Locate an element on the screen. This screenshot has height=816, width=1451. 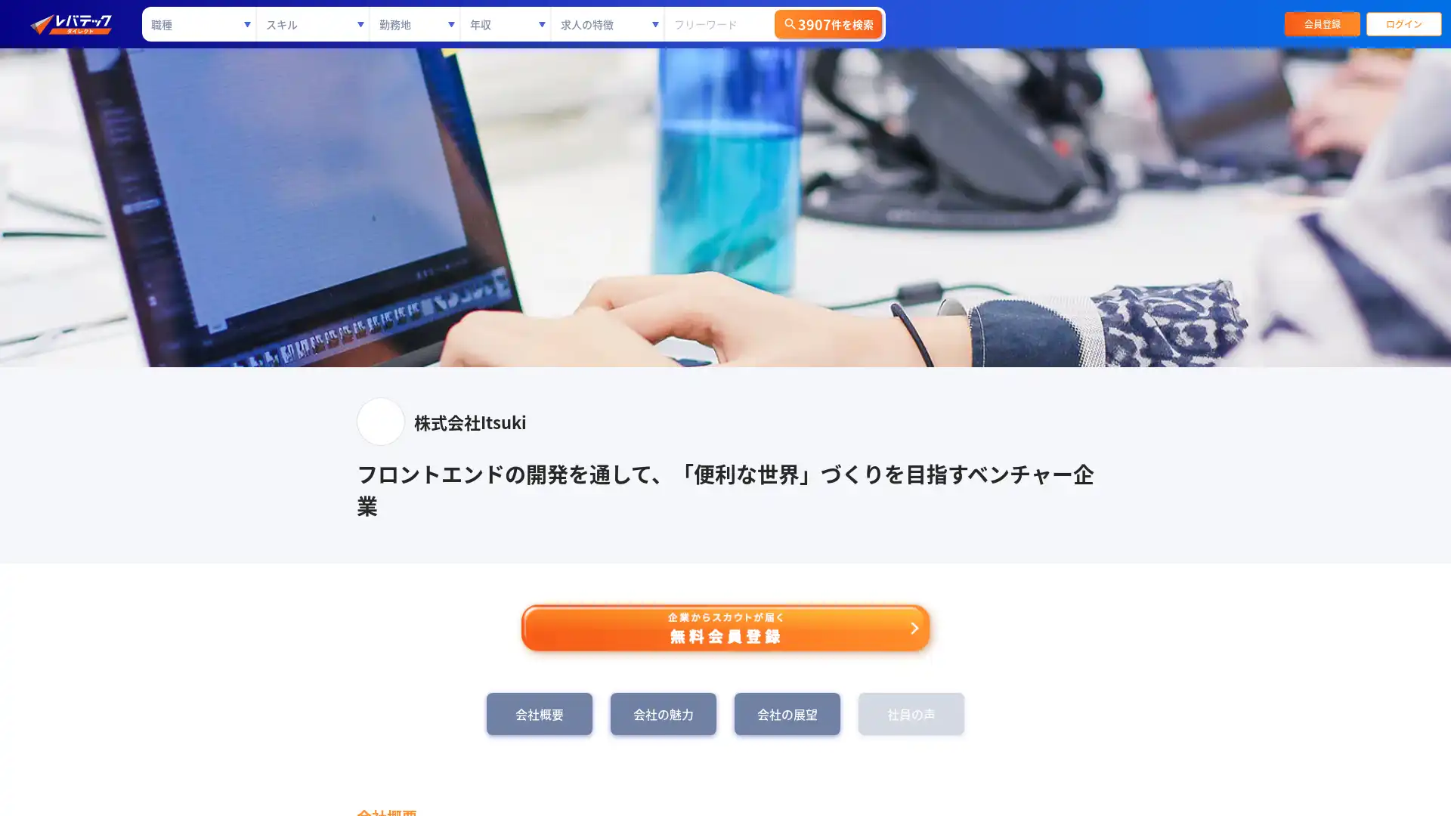
3907 is located at coordinates (827, 23).